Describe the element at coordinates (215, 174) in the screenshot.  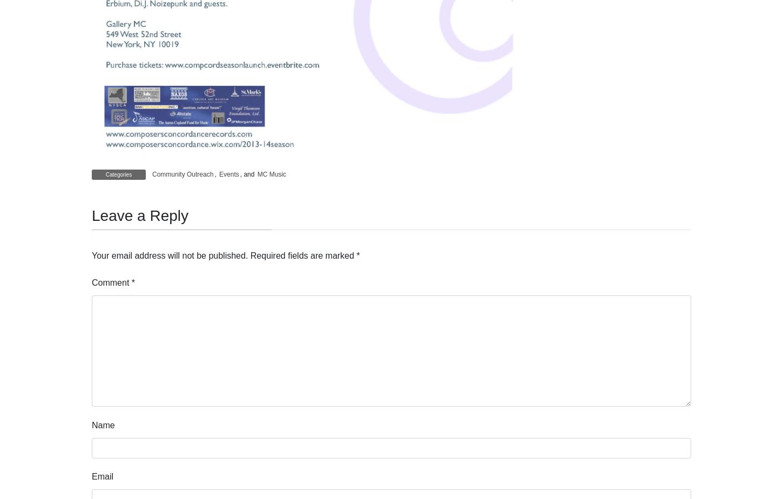
I see `','` at that location.